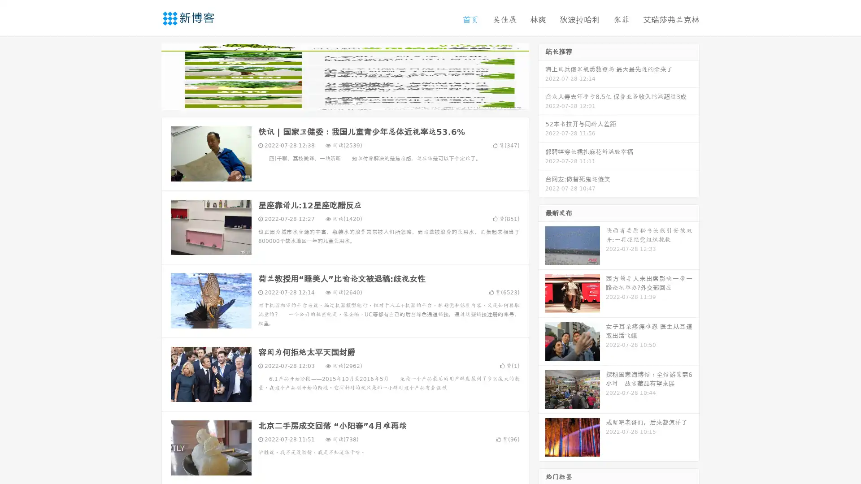 This screenshot has height=484, width=861. Describe the element at coordinates (344, 101) in the screenshot. I see `Go to slide 2` at that location.